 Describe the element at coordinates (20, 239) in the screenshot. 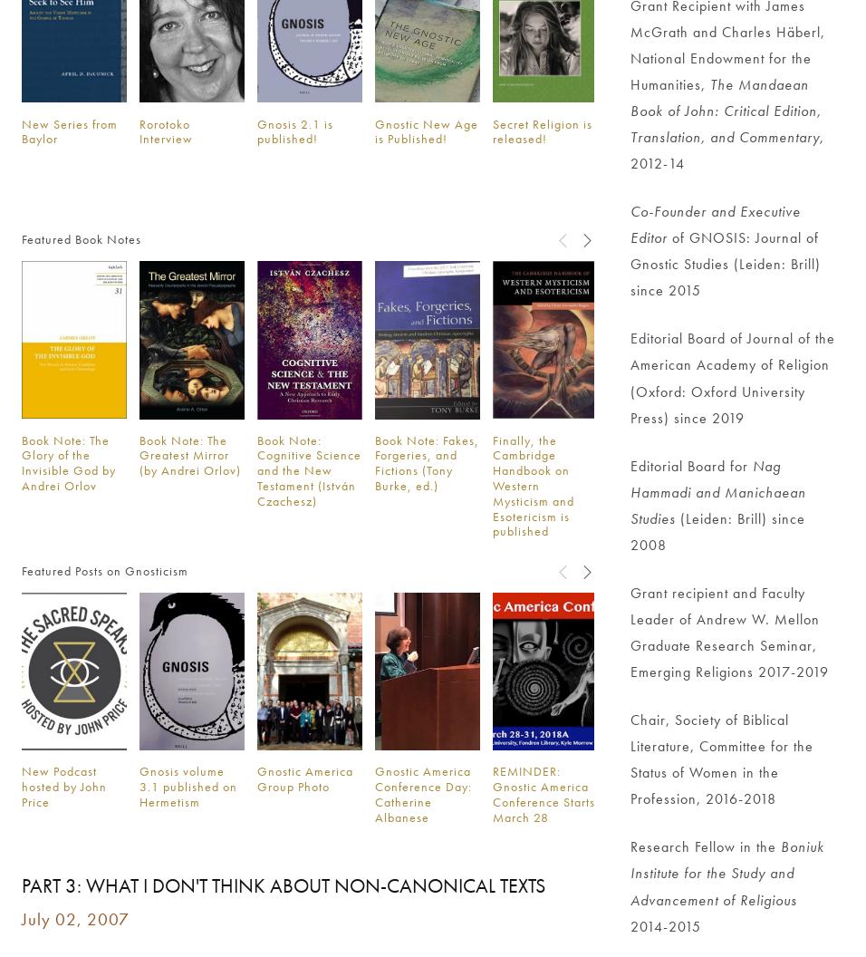

I see `'Featured Book Notes'` at that location.